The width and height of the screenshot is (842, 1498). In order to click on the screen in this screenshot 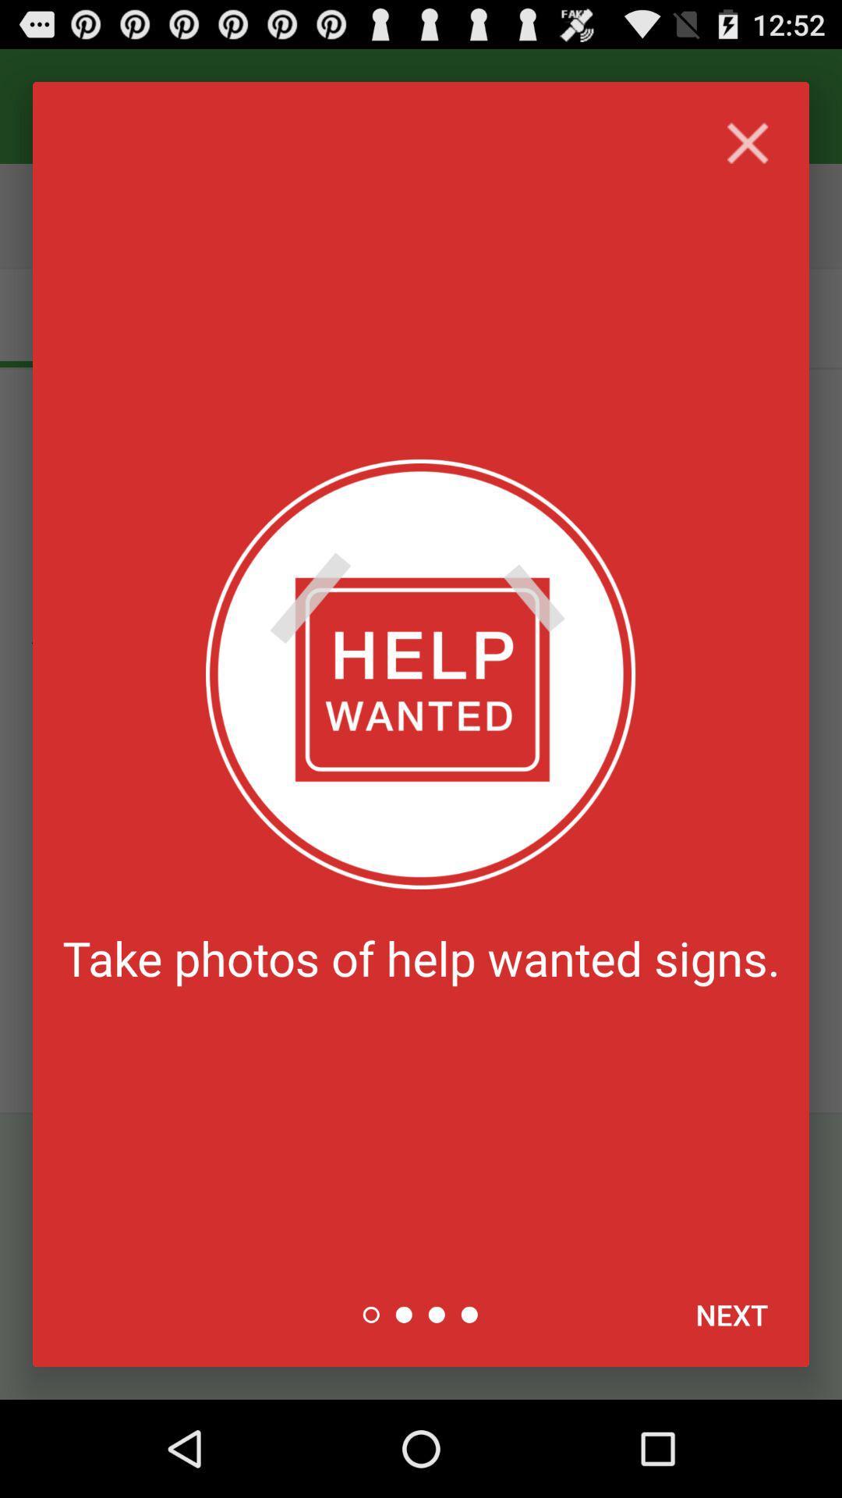, I will do `click(747, 143)`.